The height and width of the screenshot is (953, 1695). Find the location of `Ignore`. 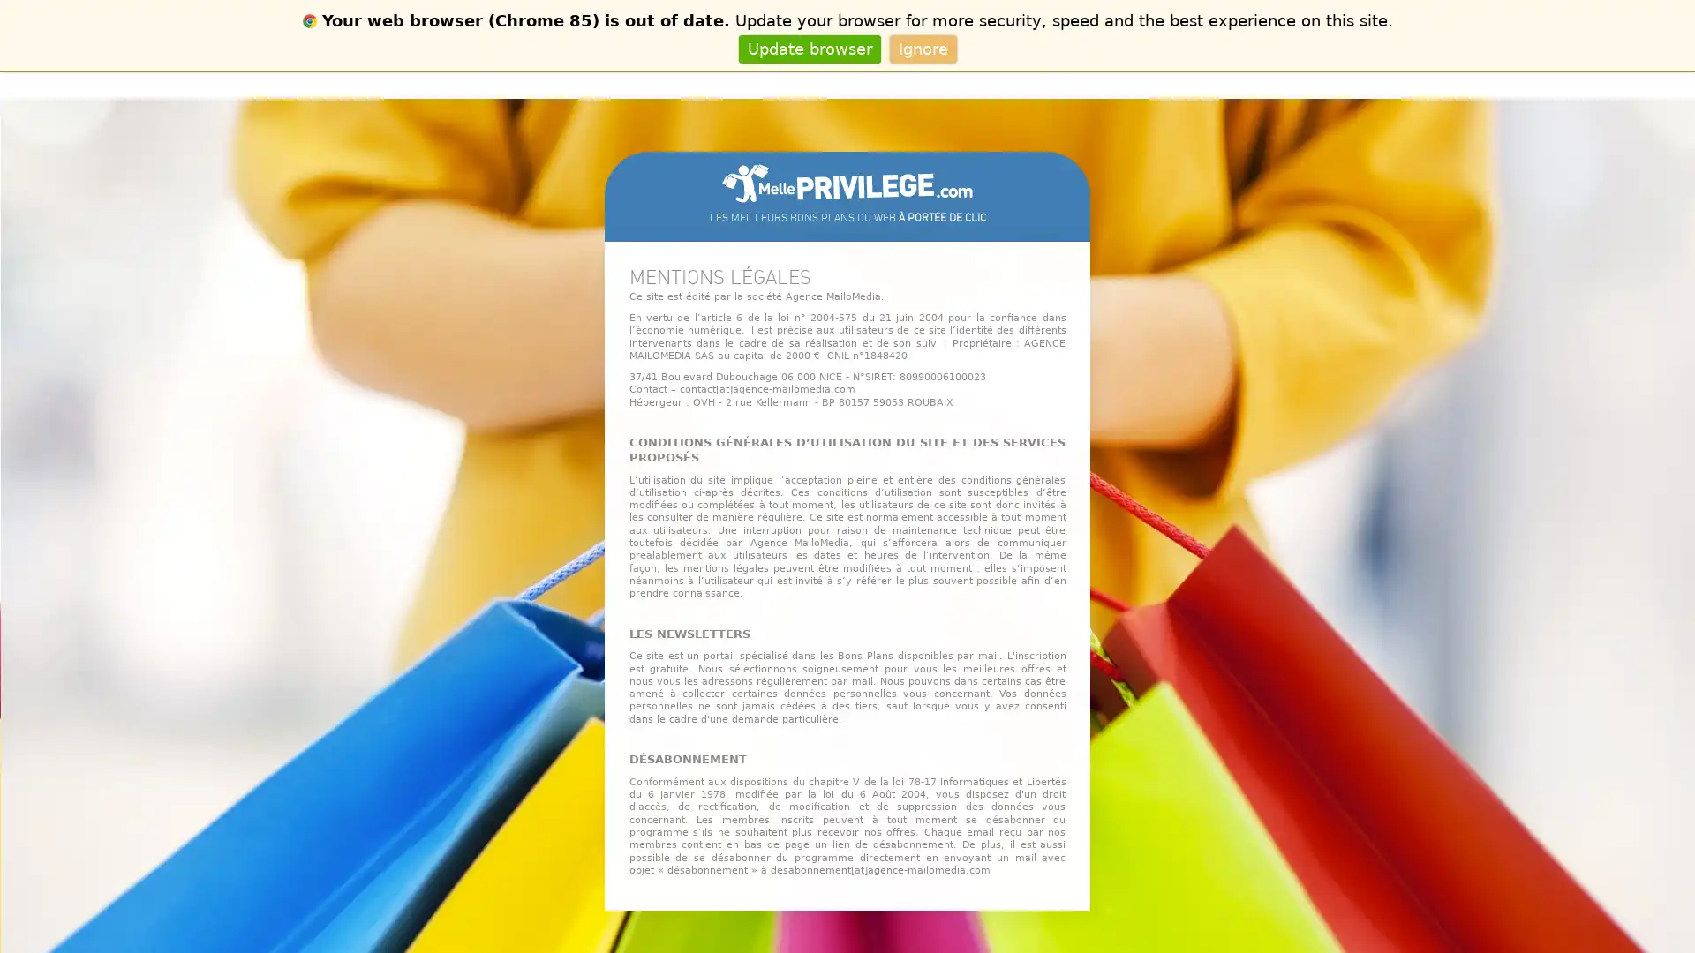

Ignore is located at coordinates (922, 48).